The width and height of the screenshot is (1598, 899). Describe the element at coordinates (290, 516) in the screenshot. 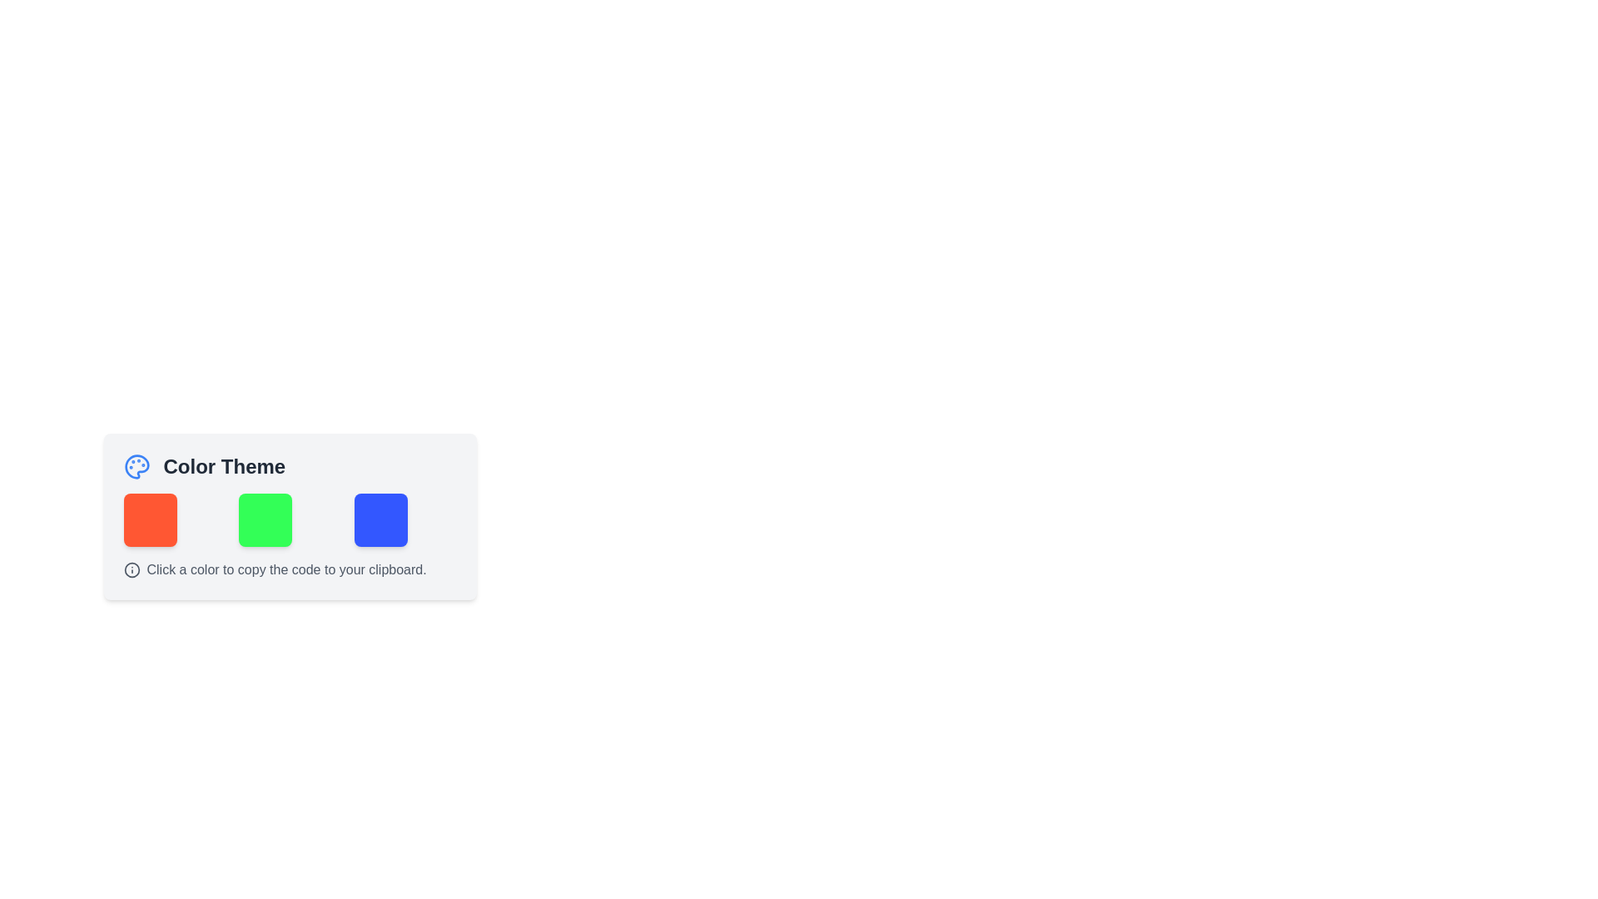

I see `the second square color swatch representing green in the 'Color Theme' section` at that location.